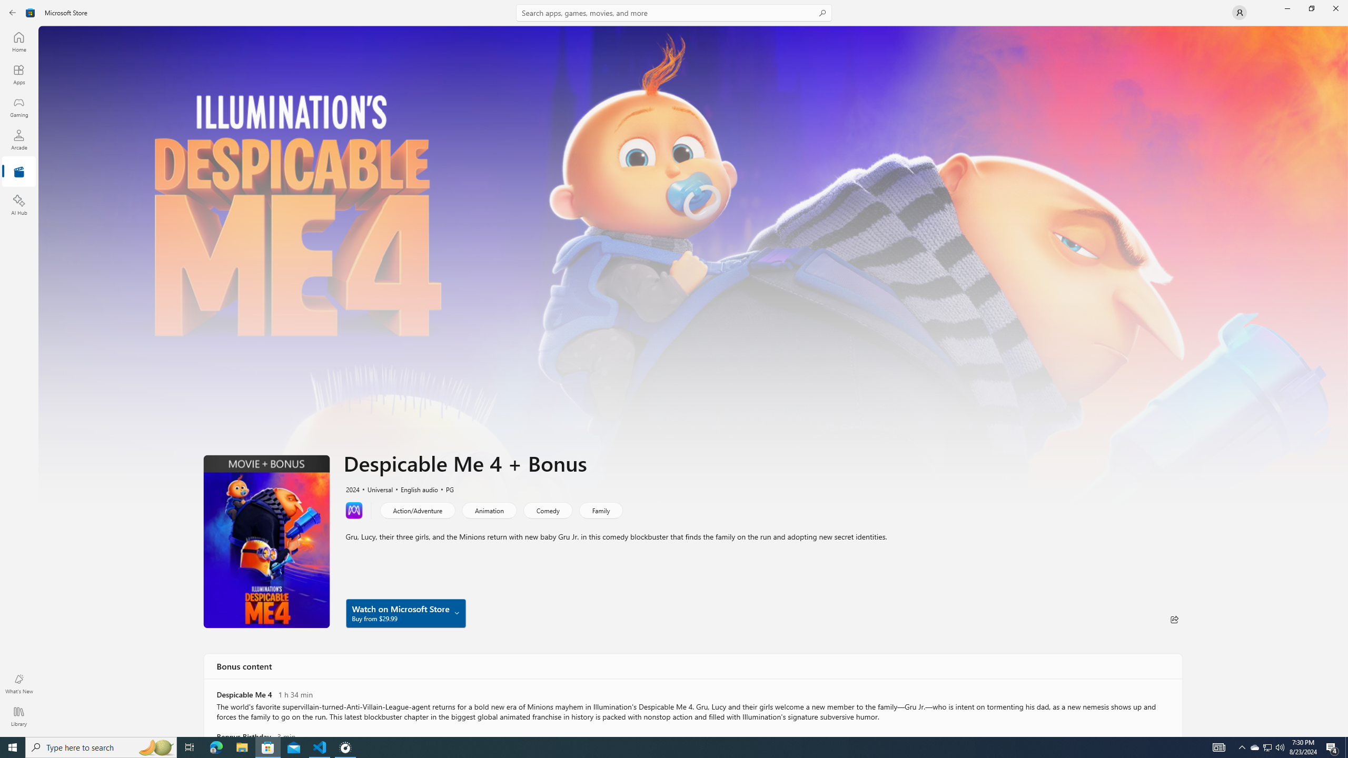  Describe the element at coordinates (674, 12) in the screenshot. I see `'Search'` at that location.